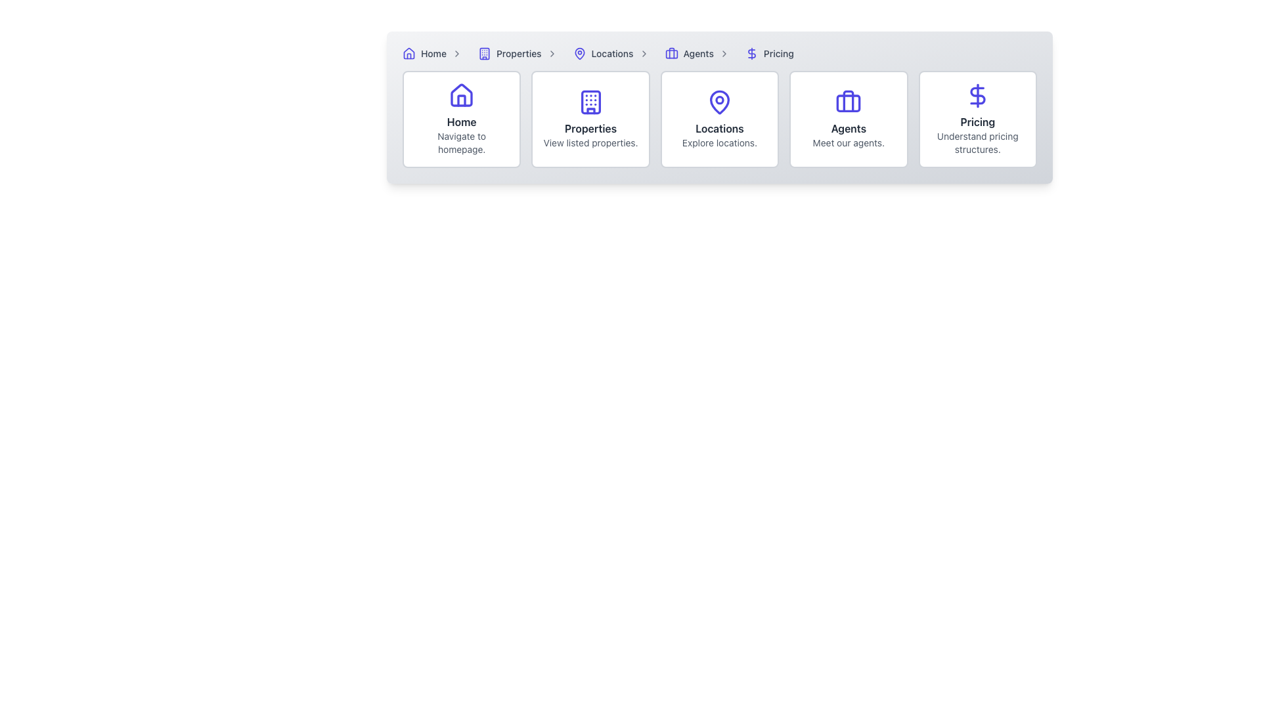 This screenshot has width=1261, height=709. I want to click on the Breadcrumb item with an icon and text, so click(435, 53).